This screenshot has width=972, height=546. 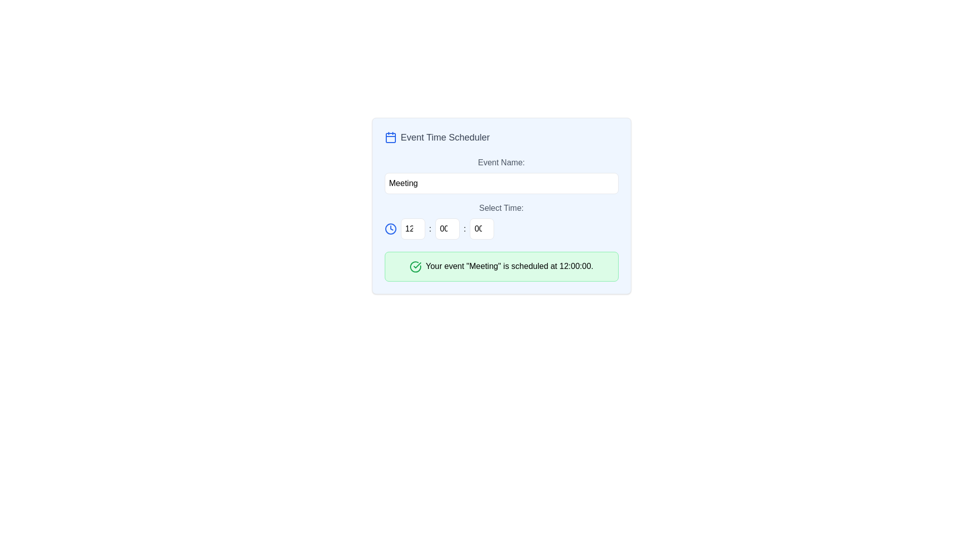 What do you see at coordinates (481, 229) in the screenshot?
I see `the third number input field in the 'Select Time' section, which allows users to enter or modify the seconds component of a time value` at bounding box center [481, 229].